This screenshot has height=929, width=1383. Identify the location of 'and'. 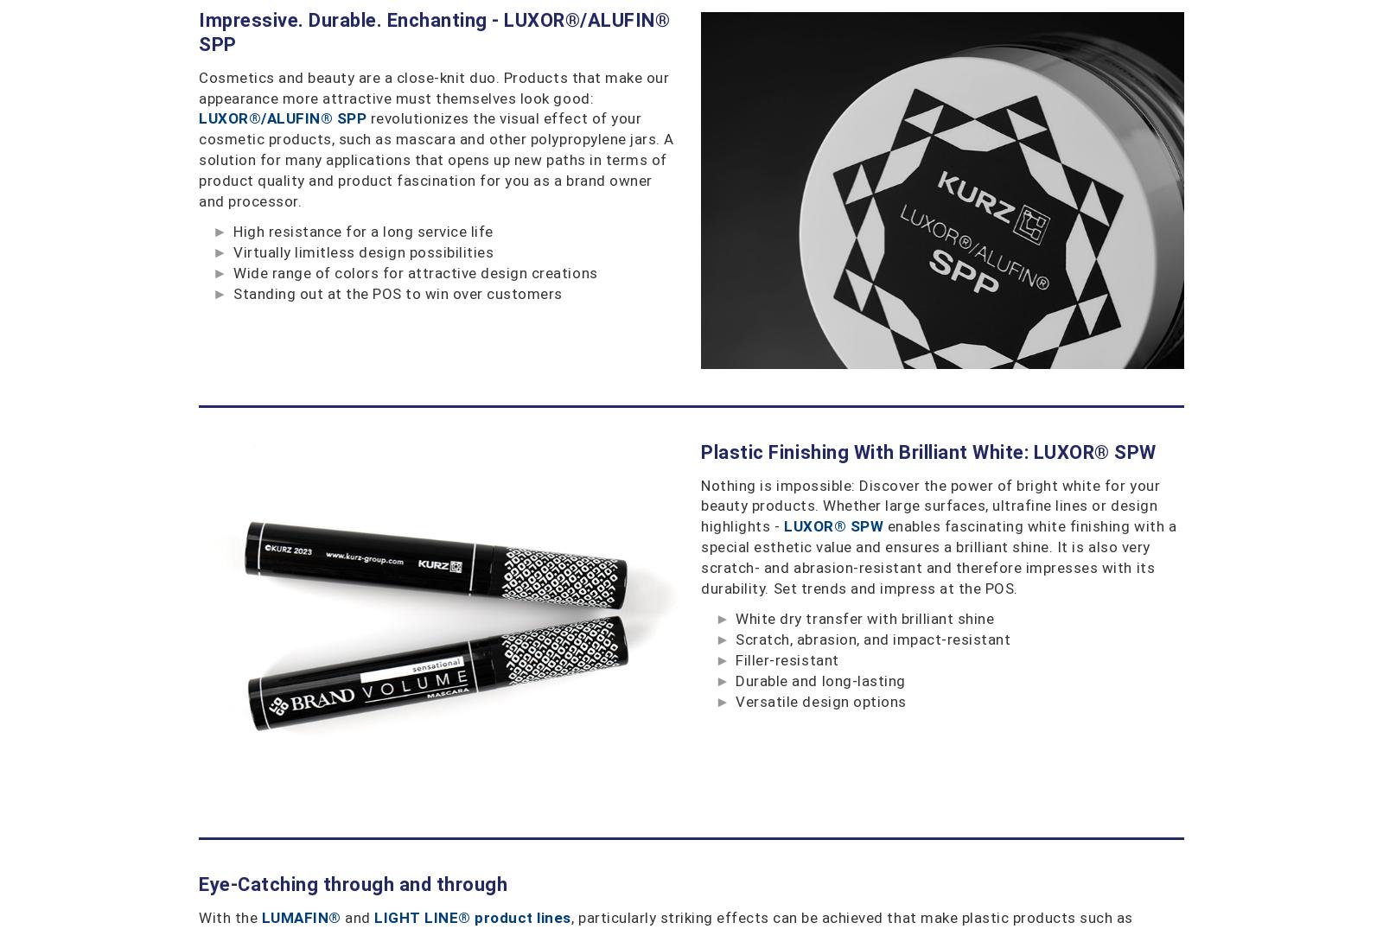
(356, 917).